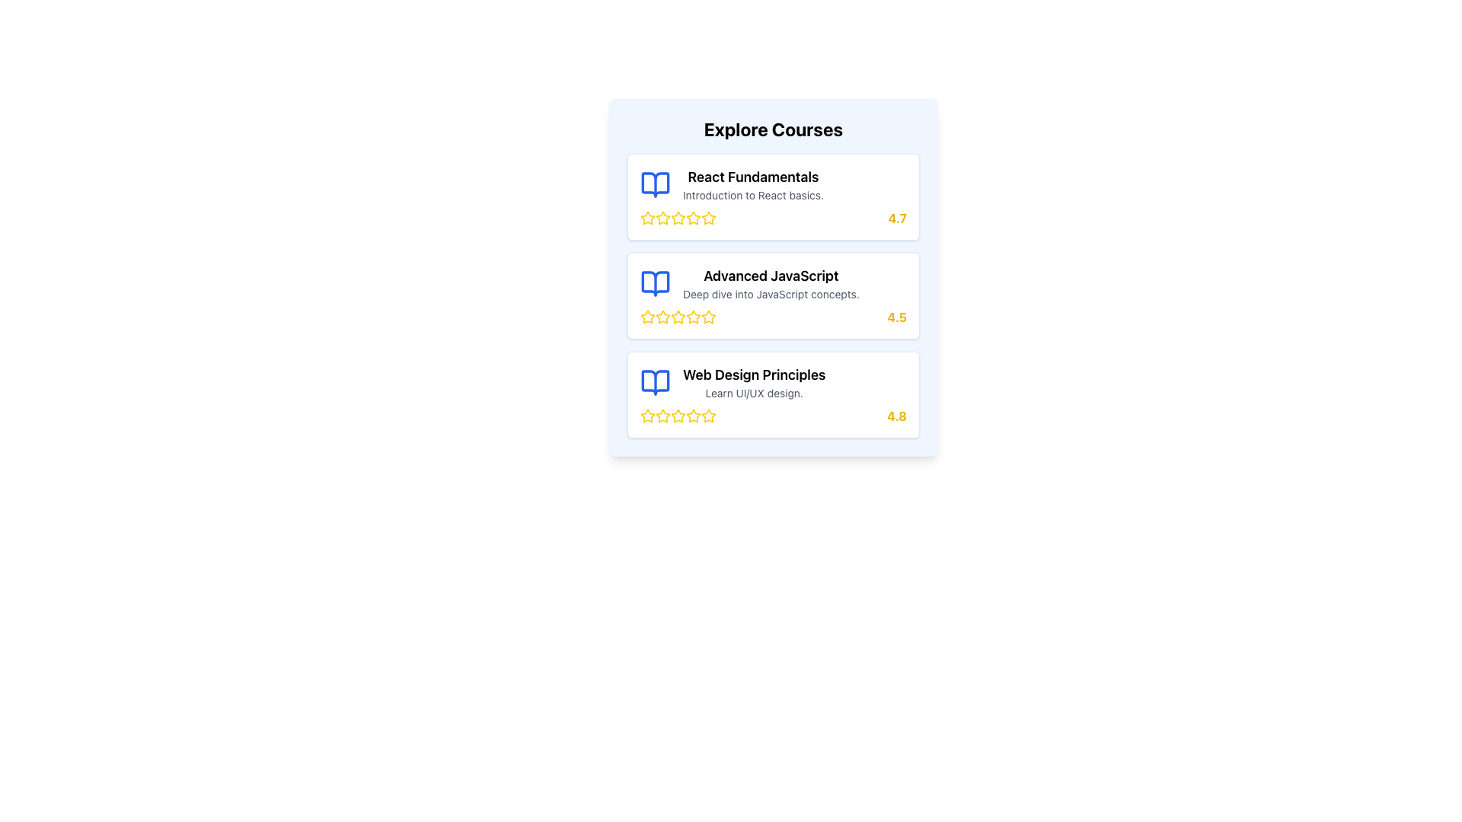 This screenshot has height=822, width=1462. Describe the element at coordinates (774, 316) in the screenshot. I see `the rating display showing a value of '4.5' in bold yellow font, which is part of the 'Advanced JavaScript' course card, located in the bottom right corner below the course subtitle` at that location.